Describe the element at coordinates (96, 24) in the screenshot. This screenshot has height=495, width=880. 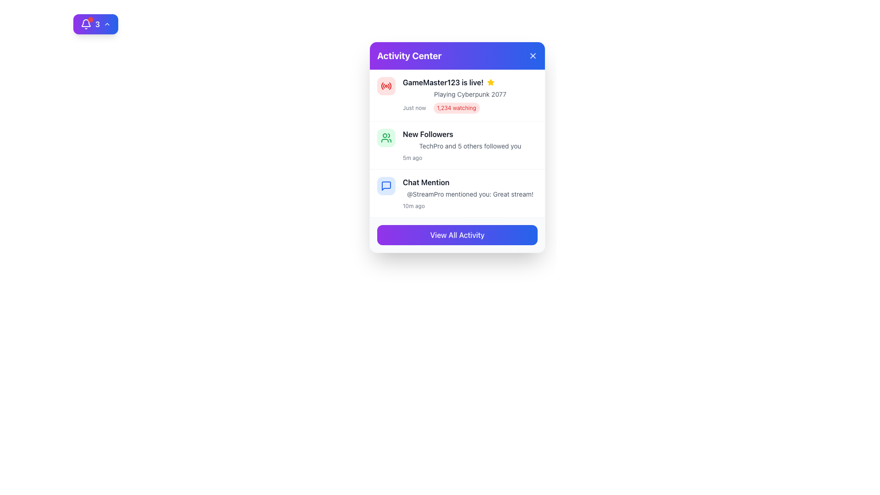
I see `the notification indicator button with a gradient background, white bell icon, and notification count` at that location.